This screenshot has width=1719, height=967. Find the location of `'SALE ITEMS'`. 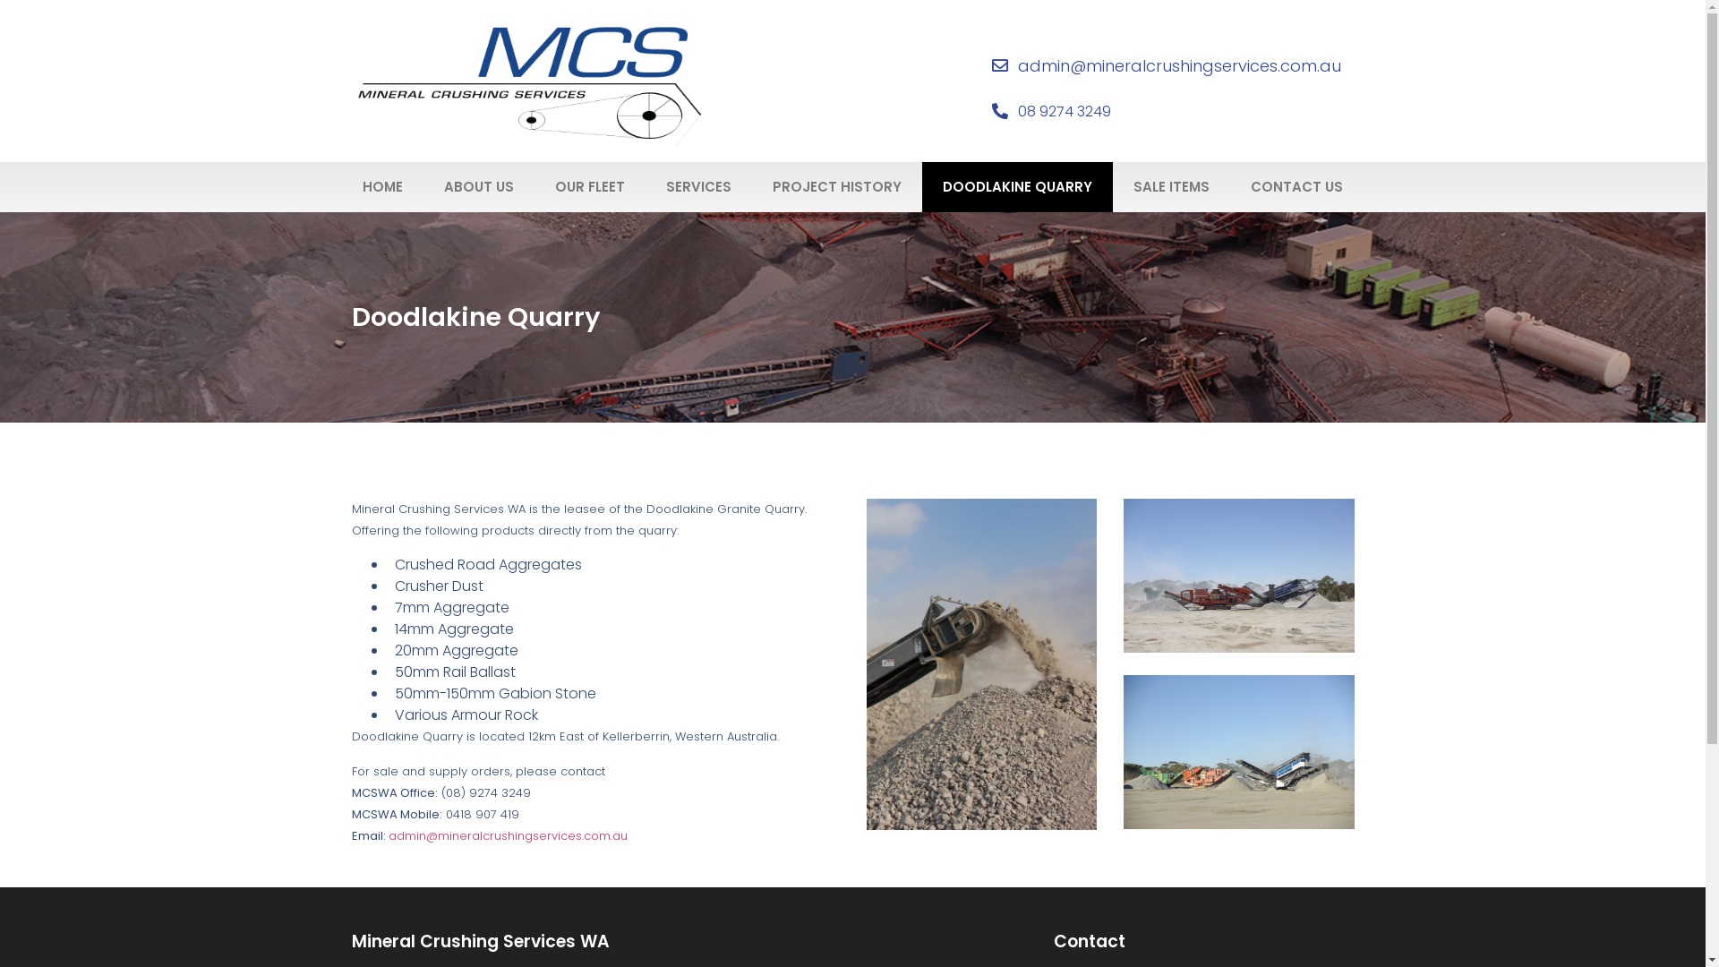

'SALE ITEMS' is located at coordinates (1171, 186).